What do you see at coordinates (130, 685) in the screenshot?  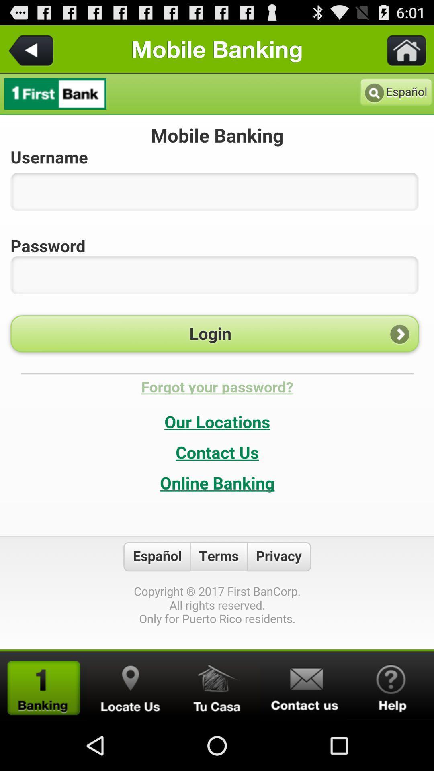 I see `search the location` at bounding box center [130, 685].